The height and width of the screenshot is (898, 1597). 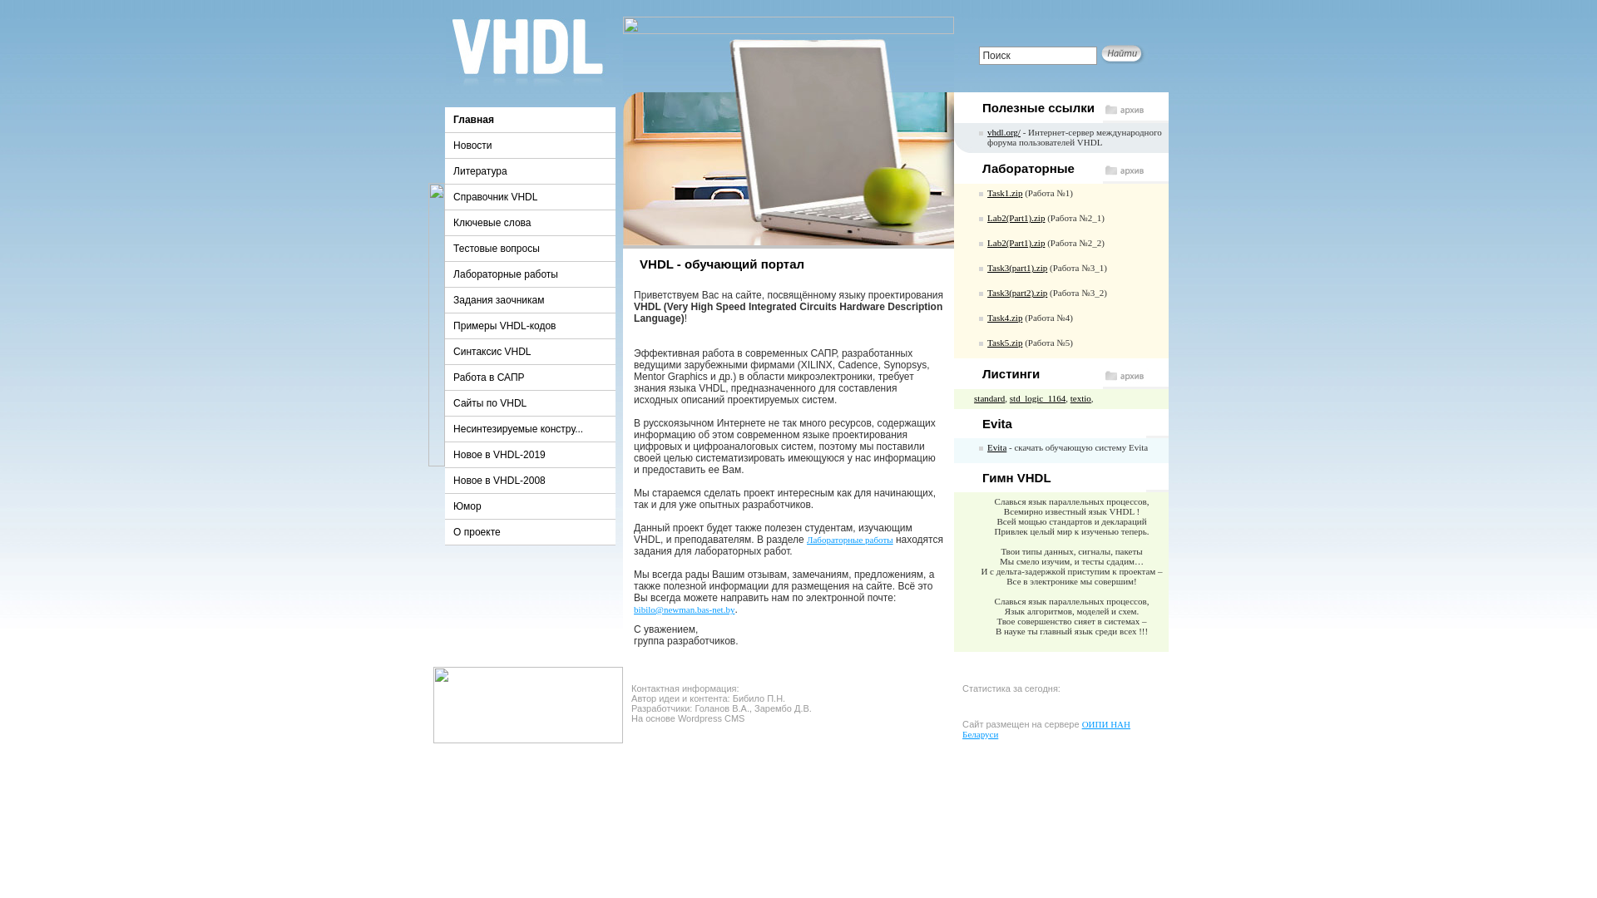 What do you see at coordinates (1016, 266) in the screenshot?
I see `'Task3(part1).zip'` at bounding box center [1016, 266].